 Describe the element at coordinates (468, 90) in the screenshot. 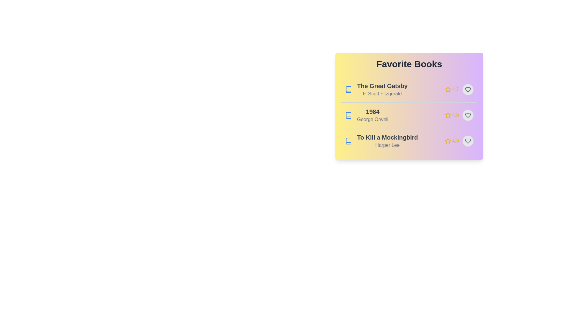

I see `heart icon to toggle the 'liked' state of the book titled The Great Gatsby` at that location.